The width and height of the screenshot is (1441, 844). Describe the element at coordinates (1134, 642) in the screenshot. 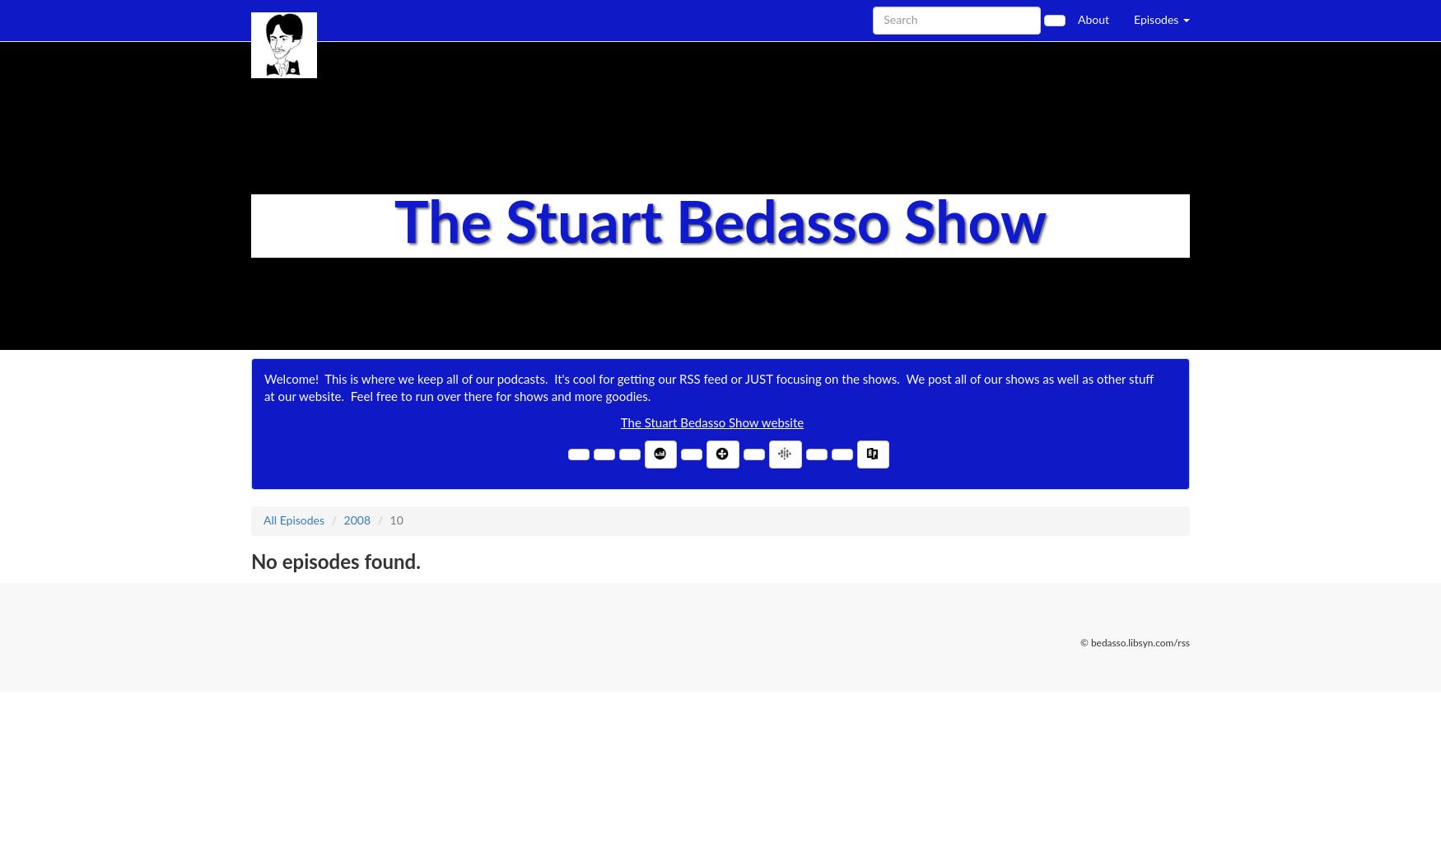

I see `'© bedasso.libsyn.com/rss'` at that location.